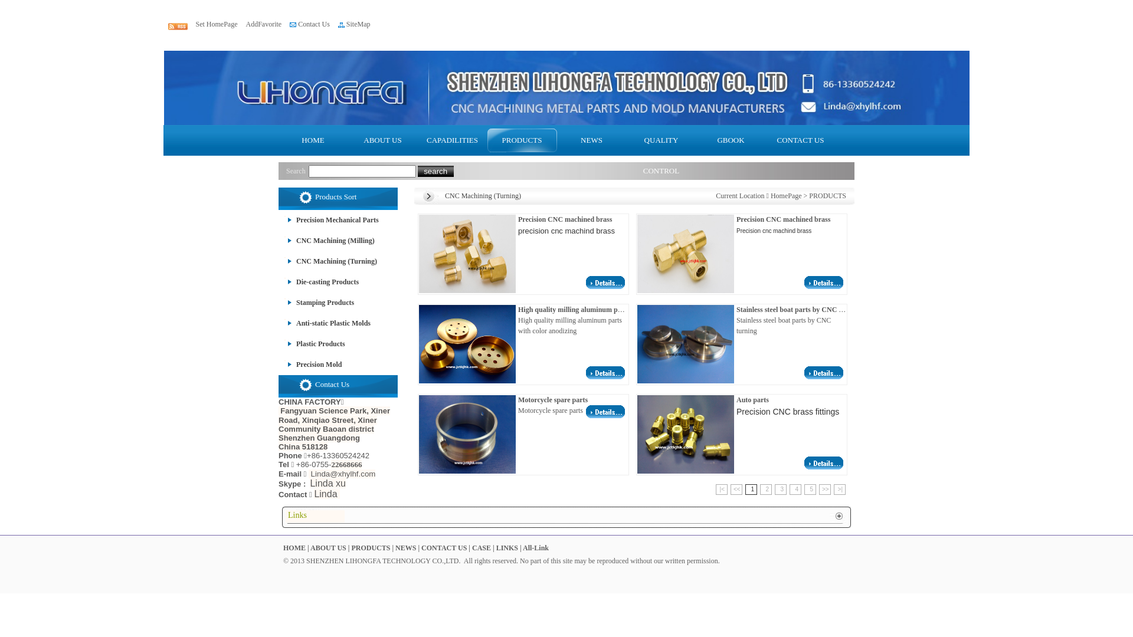 The image size is (1133, 637). I want to click on 'GBOOK', so click(730, 140).